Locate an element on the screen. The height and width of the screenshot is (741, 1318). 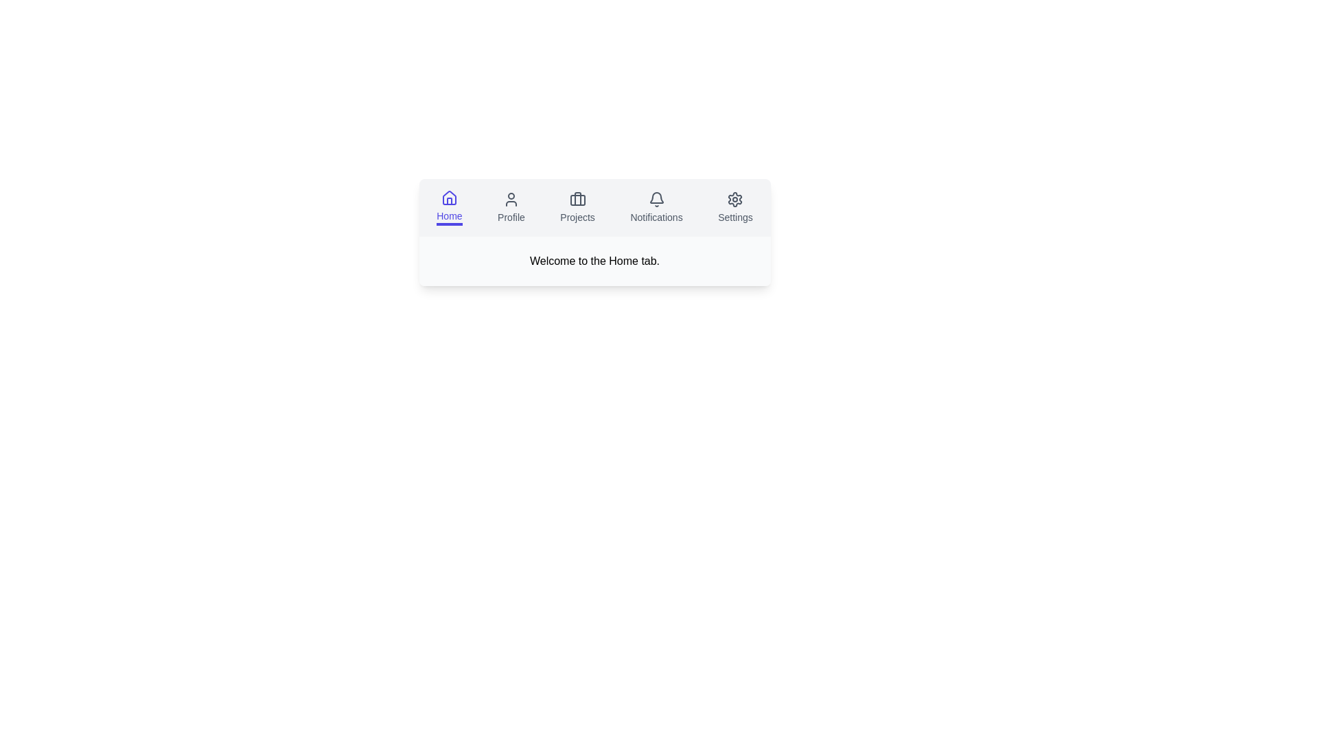
the house icon representing the 'Home' tab in the navigation bar is located at coordinates (449, 198).